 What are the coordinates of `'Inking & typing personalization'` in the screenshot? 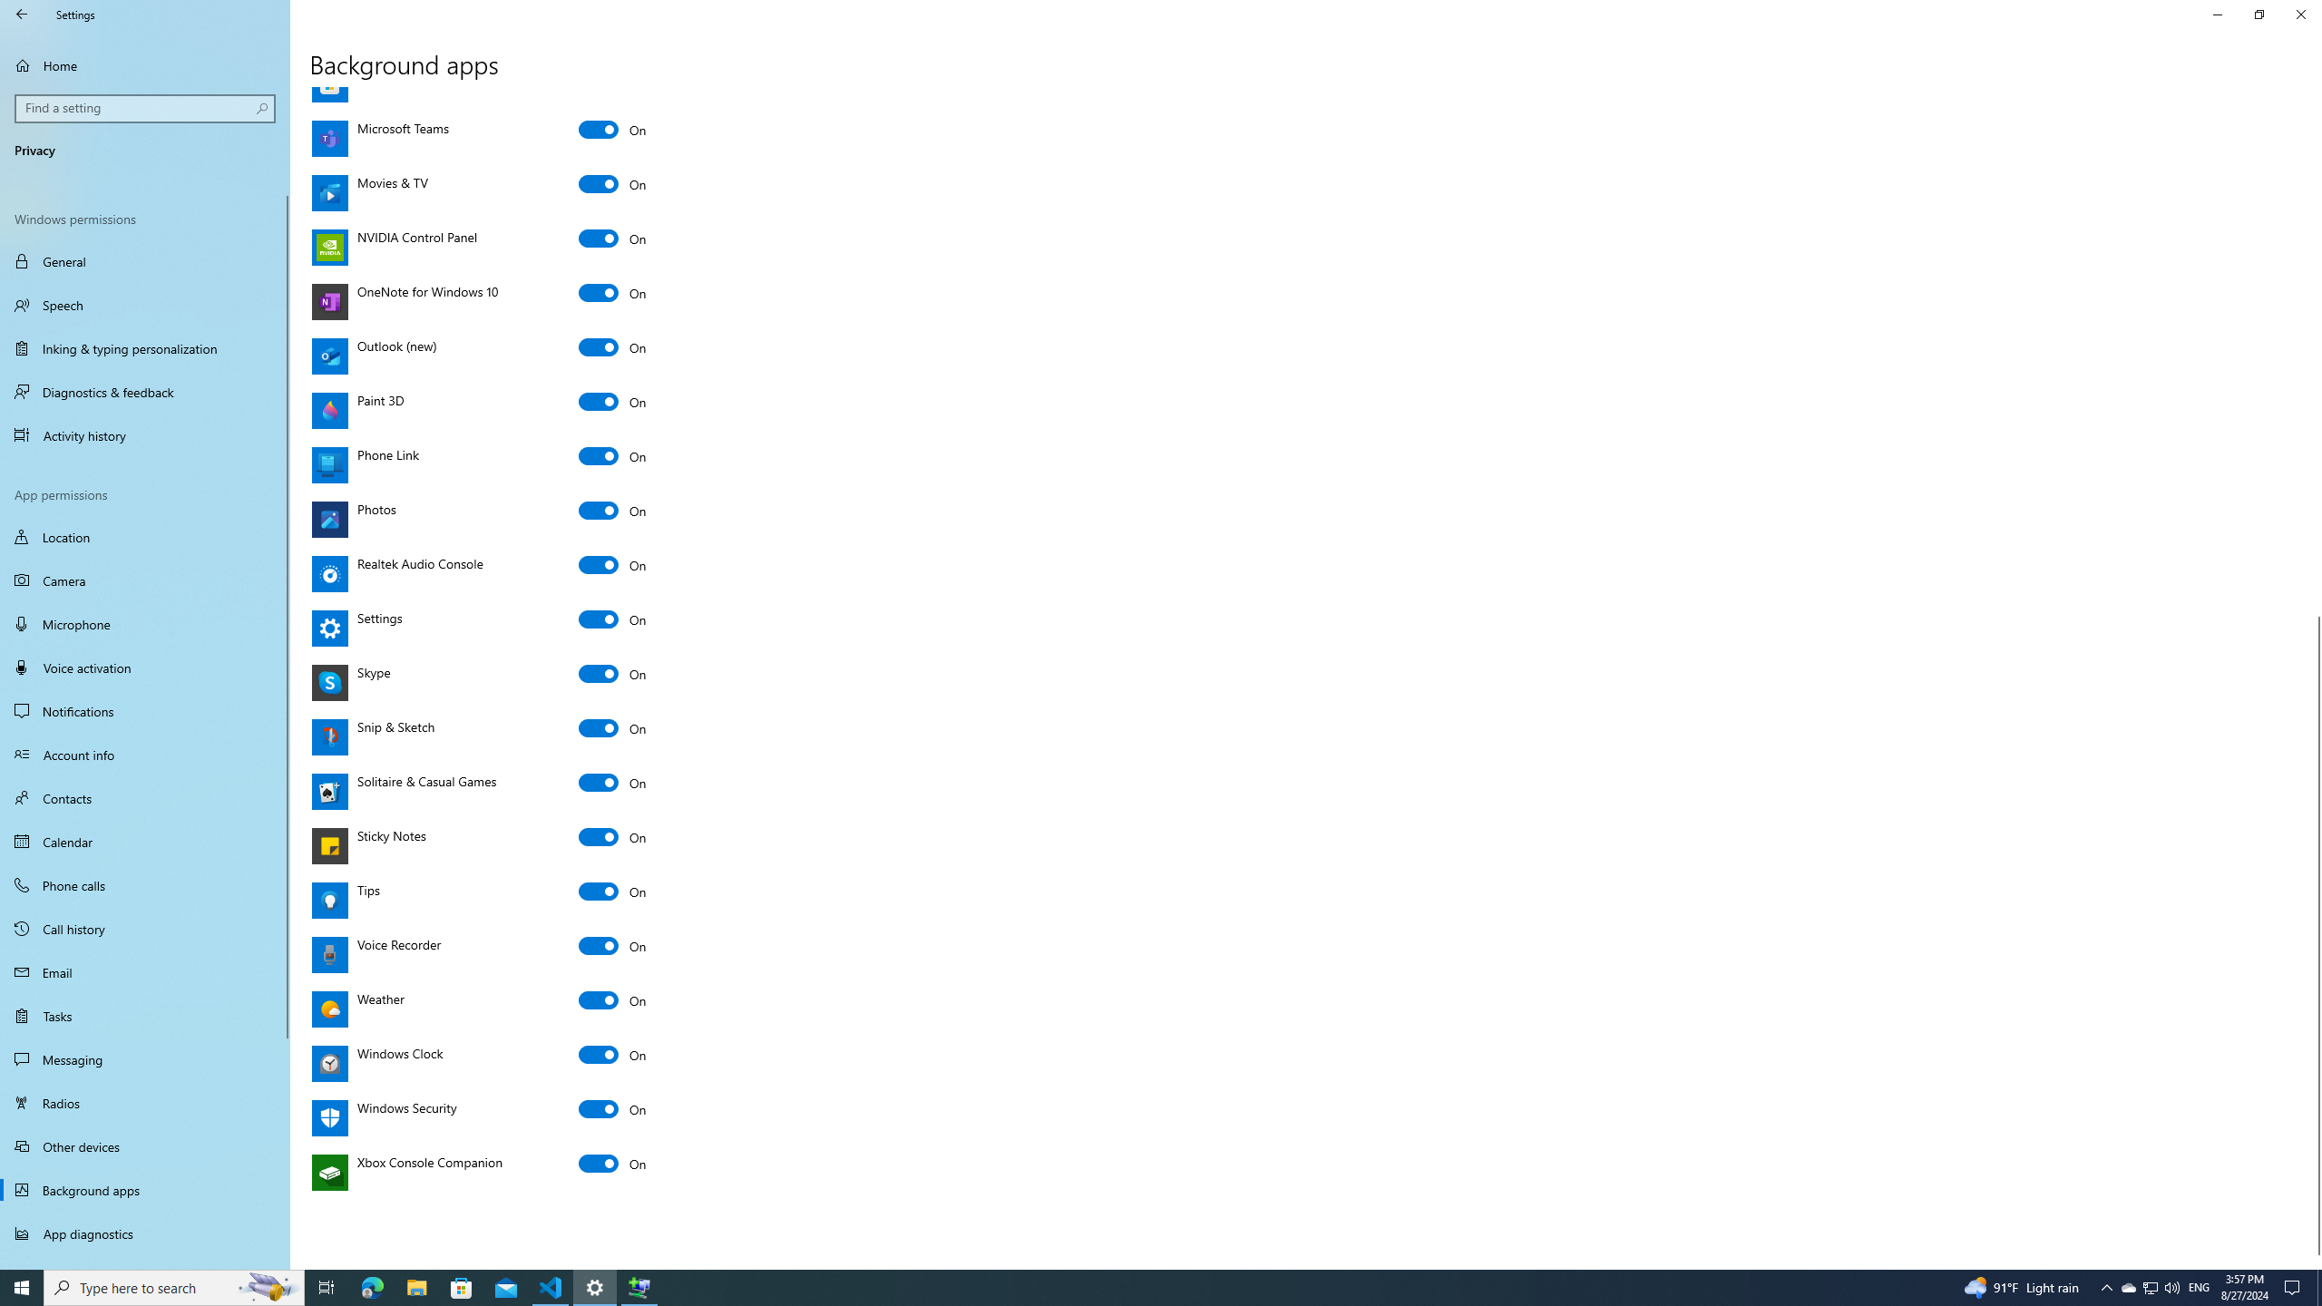 It's located at (144, 346).